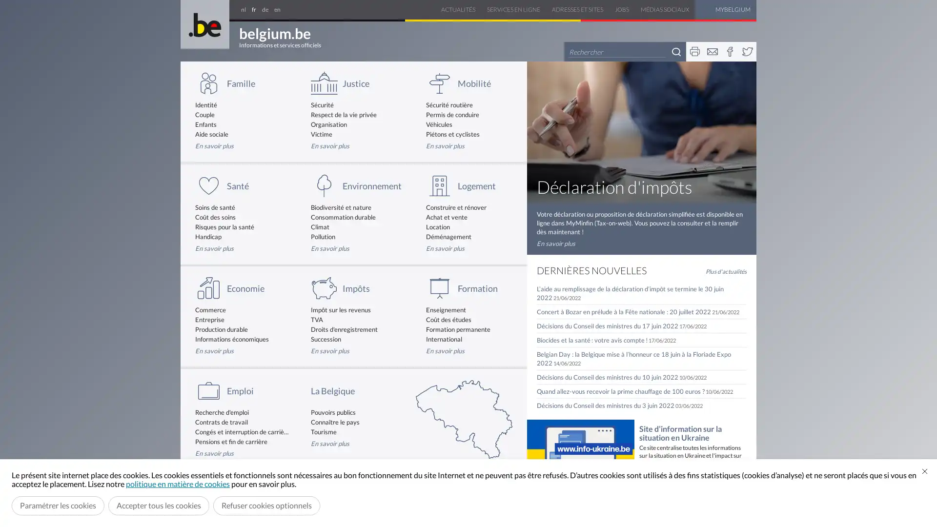 The width and height of the screenshot is (937, 527). Describe the element at coordinates (924, 470) in the screenshot. I see `Fermer` at that location.